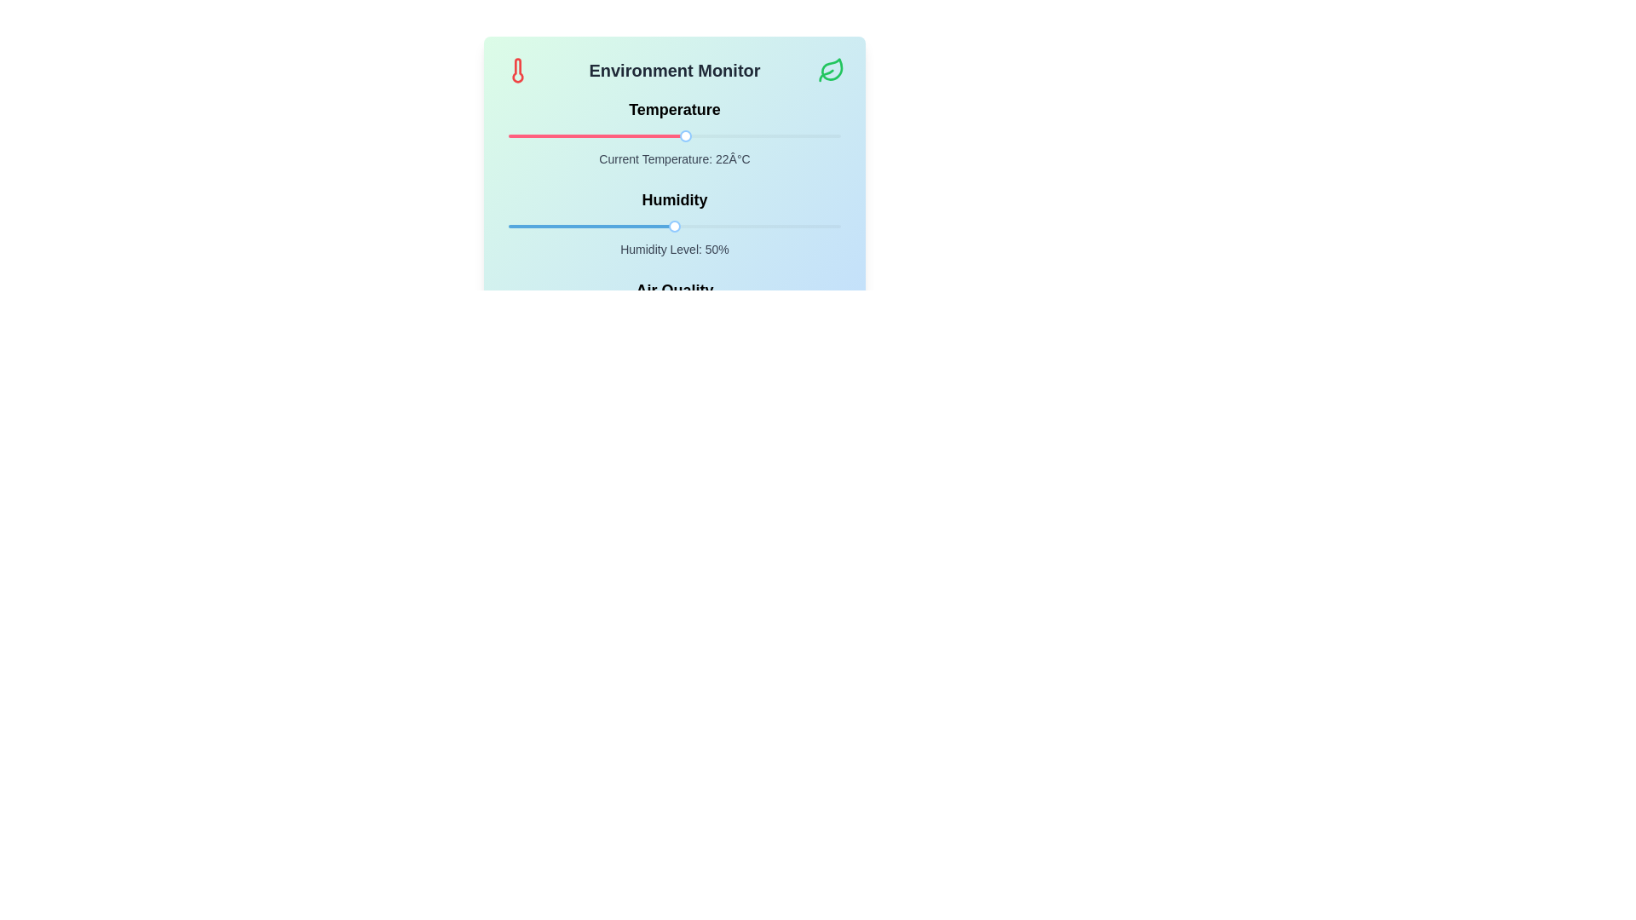 This screenshot has width=1636, height=920. Describe the element at coordinates (831, 70) in the screenshot. I see `the environmental indicator icon located in the top-right corner of the 'Environment Monitor' module header` at that location.